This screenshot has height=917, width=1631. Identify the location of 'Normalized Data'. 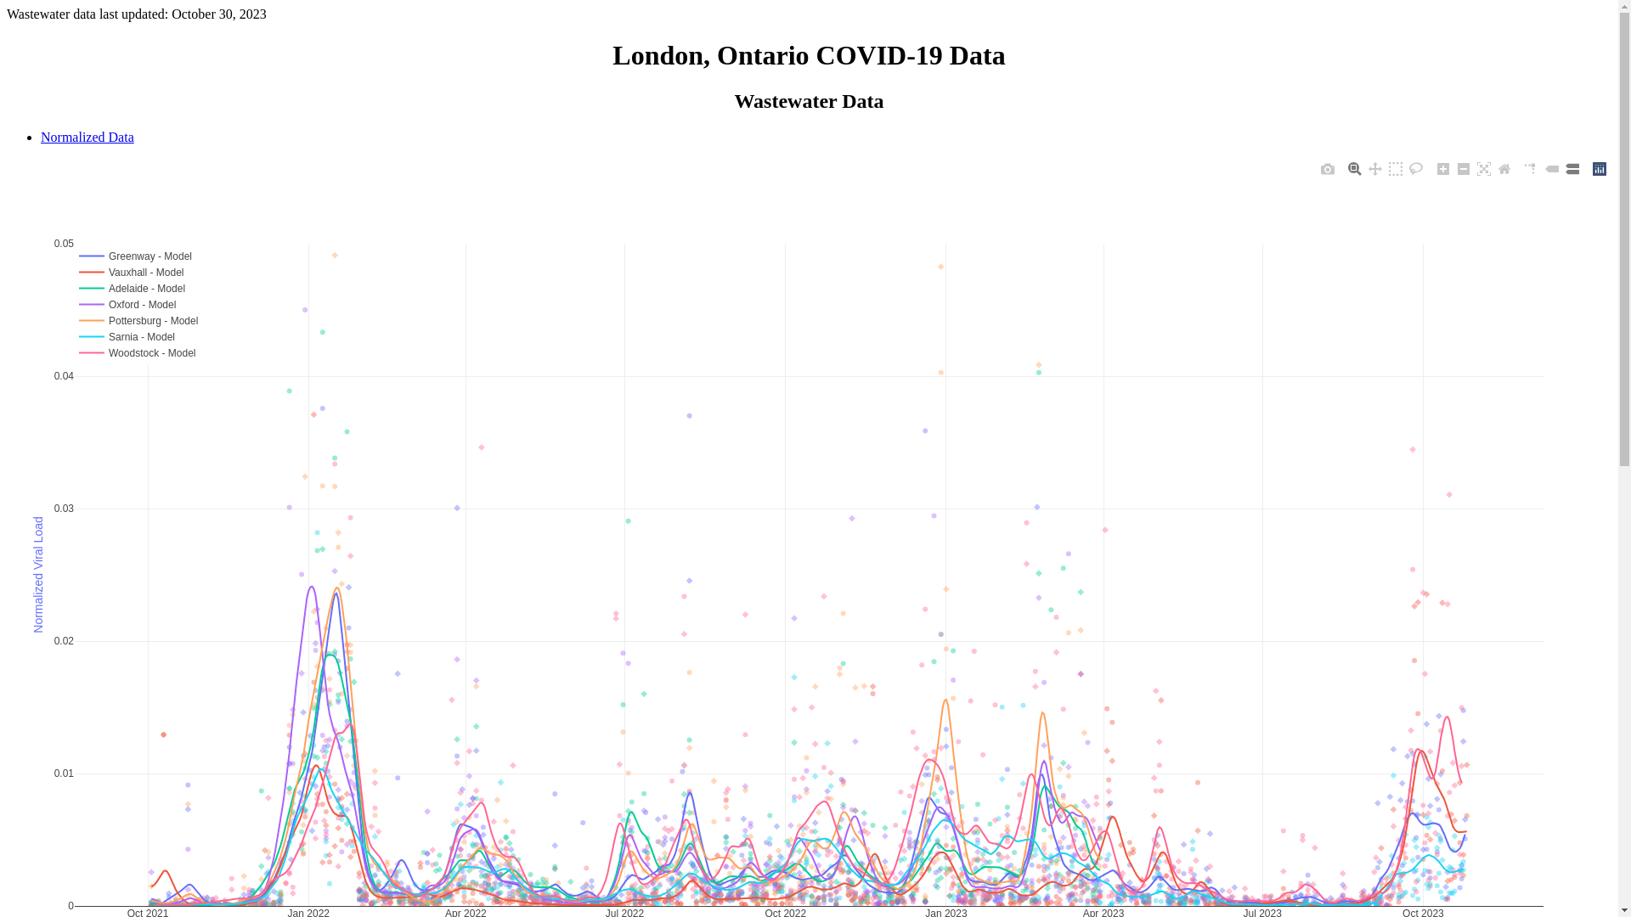
(41, 136).